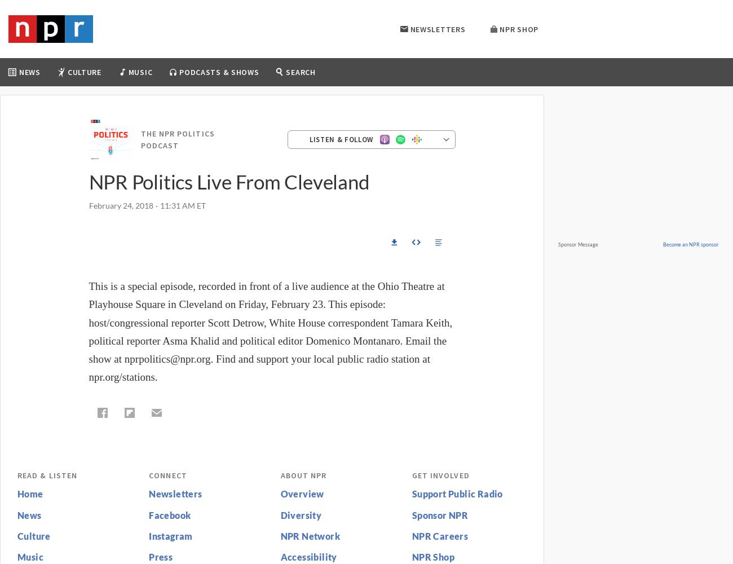 The height and width of the screenshot is (564, 733). I want to click on 'Movies', so click(162, 108).